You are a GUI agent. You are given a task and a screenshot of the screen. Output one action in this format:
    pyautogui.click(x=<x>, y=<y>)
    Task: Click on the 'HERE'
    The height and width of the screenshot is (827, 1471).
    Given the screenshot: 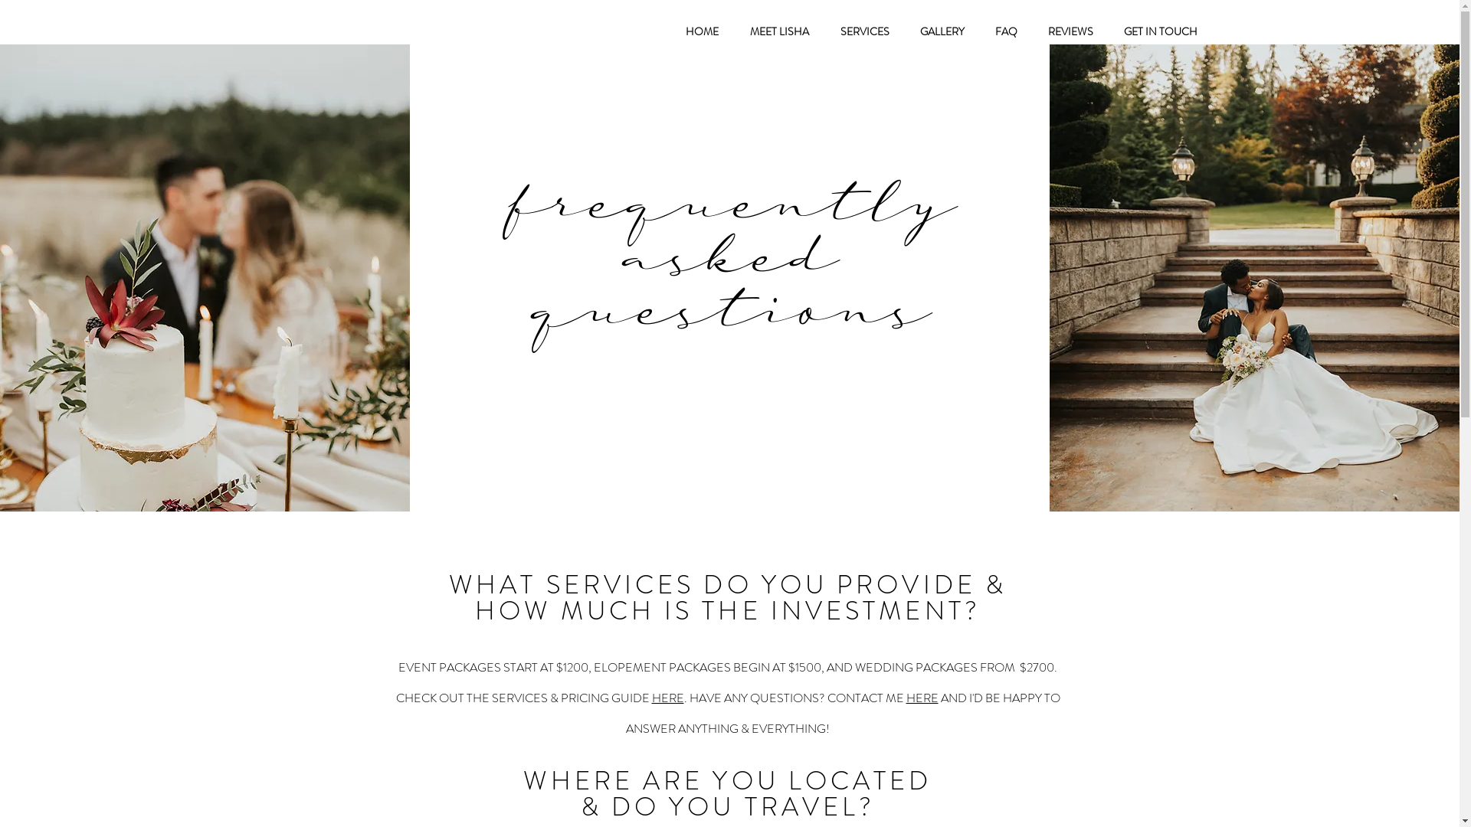 What is the action you would take?
    pyautogui.click(x=921, y=698)
    